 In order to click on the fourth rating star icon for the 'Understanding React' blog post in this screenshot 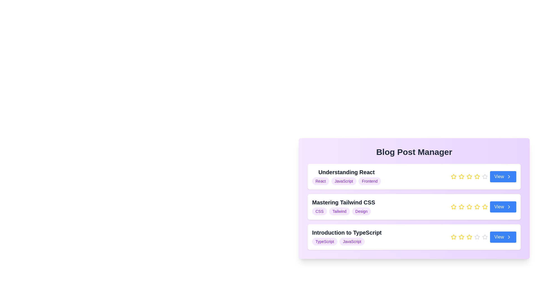, I will do `click(469, 176)`.